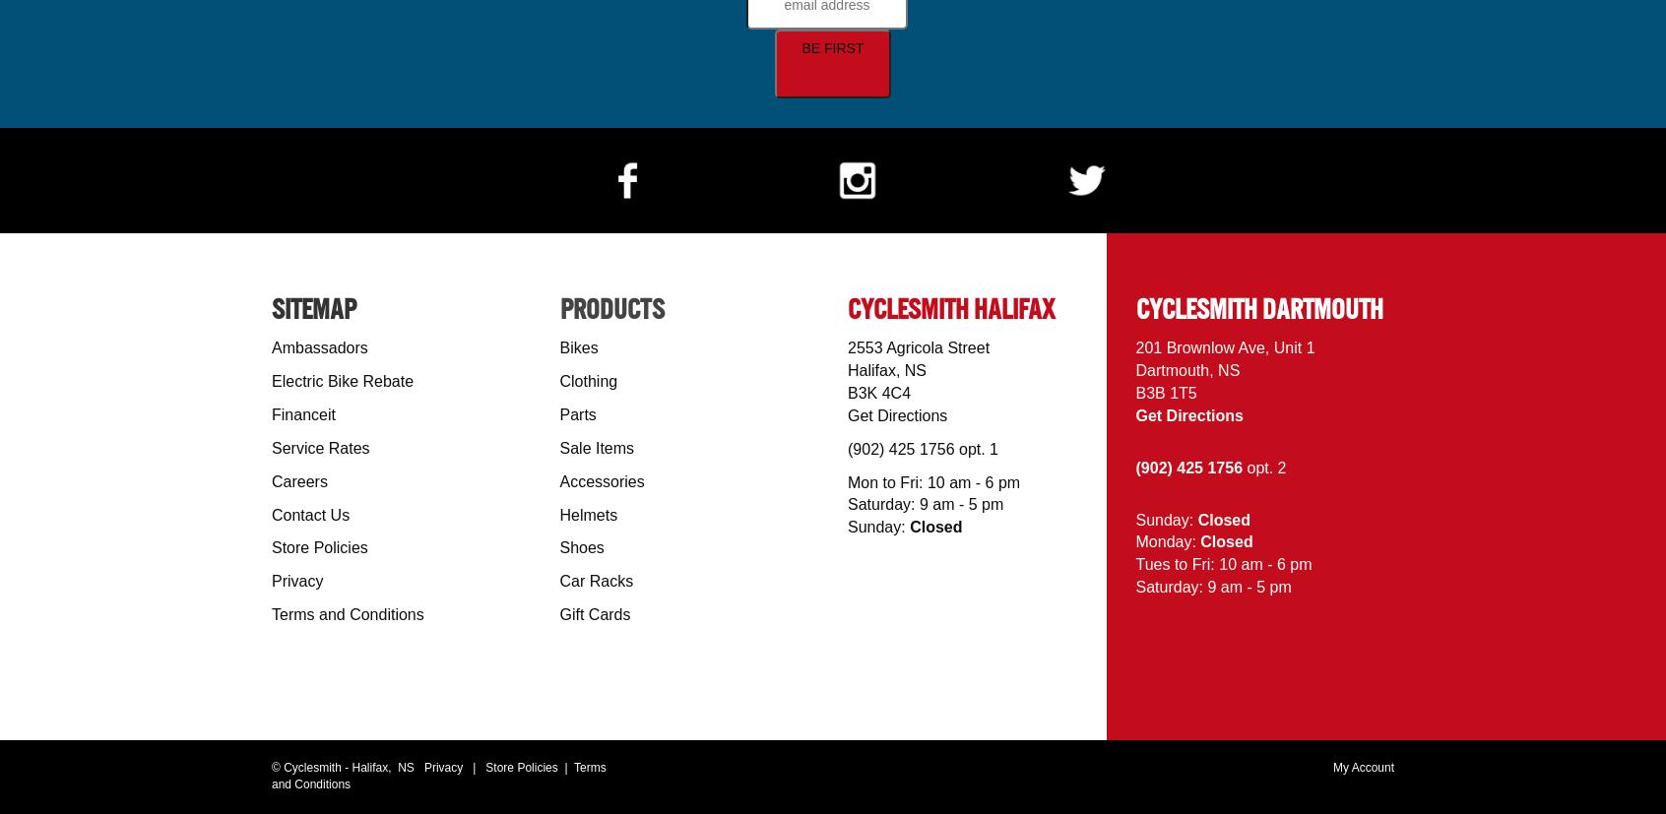 This screenshot has height=814, width=1666. What do you see at coordinates (1224, 346) in the screenshot?
I see `'201 Brownlow Ave, Unit 1'` at bounding box center [1224, 346].